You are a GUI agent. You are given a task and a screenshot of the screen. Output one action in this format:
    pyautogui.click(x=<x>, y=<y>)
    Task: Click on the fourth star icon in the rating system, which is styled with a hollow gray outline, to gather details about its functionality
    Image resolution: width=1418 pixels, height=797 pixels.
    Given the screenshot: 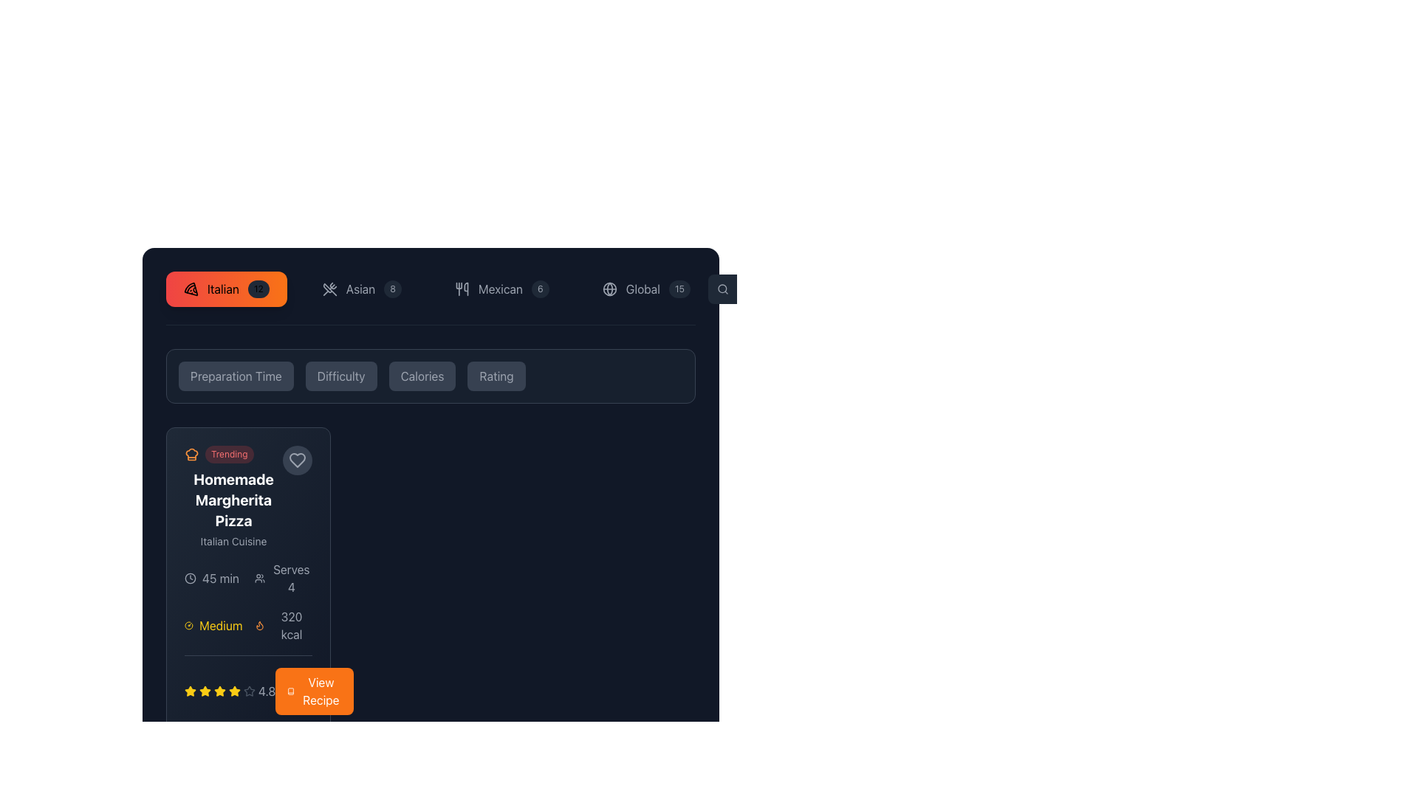 What is the action you would take?
    pyautogui.click(x=248, y=685)
    